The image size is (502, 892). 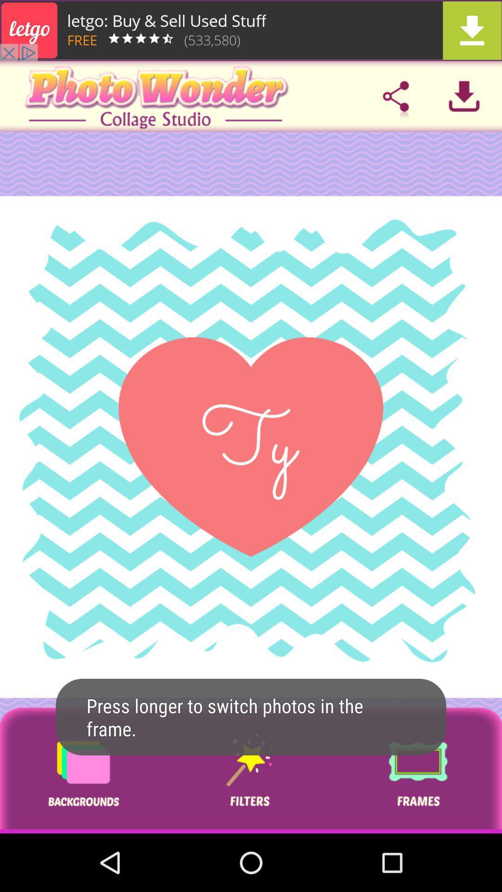 What do you see at coordinates (417, 770) in the screenshot?
I see `more frames` at bounding box center [417, 770].